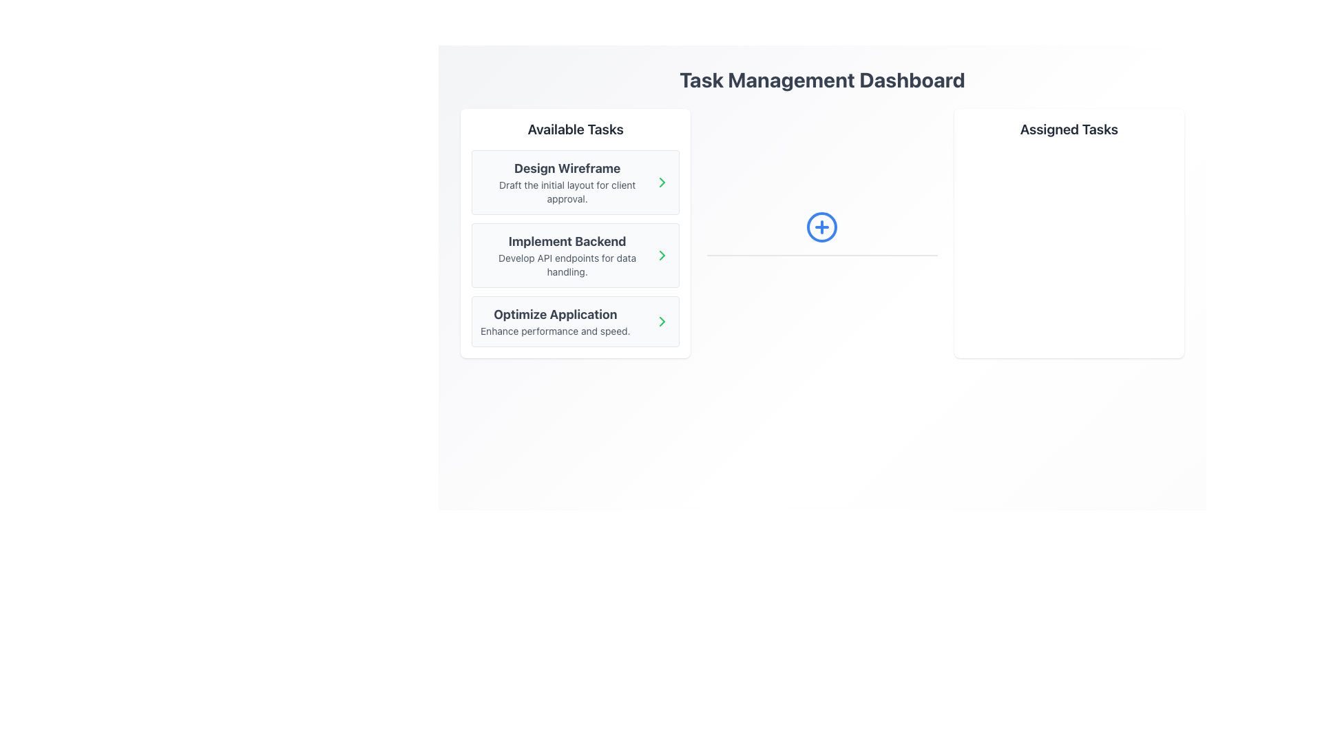 The image size is (1322, 744). What do you see at coordinates (662, 321) in the screenshot?
I see `the rightward arrow vector graphic icon located inside the third task item labeled 'Optimize Application' in the 'Available Tasks' section` at bounding box center [662, 321].